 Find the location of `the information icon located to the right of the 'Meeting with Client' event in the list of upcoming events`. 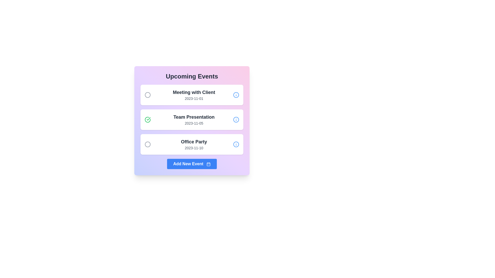

the information icon located to the right of the 'Meeting with Client' event in the list of upcoming events is located at coordinates (236, 95).